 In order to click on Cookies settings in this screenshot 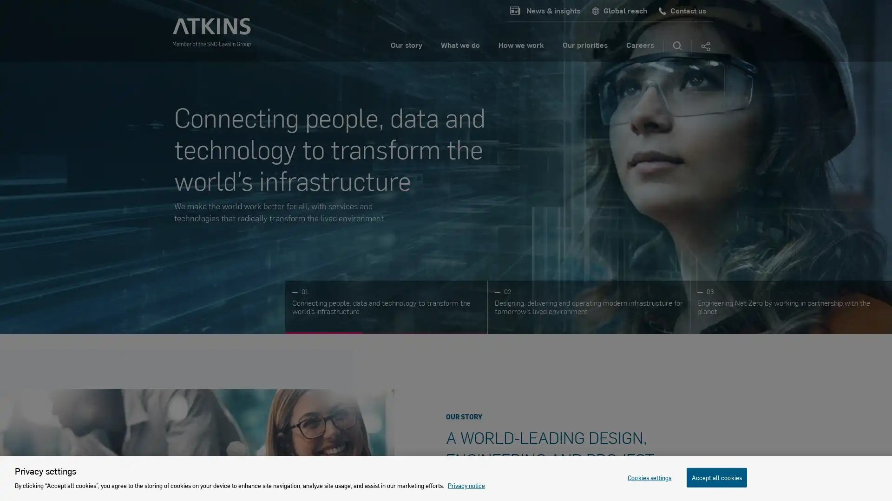, I will do `click(649, 477)`.